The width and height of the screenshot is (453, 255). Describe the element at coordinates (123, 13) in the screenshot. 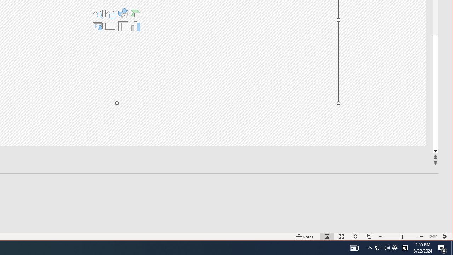

I see `'Insert an Icon'` at that location.